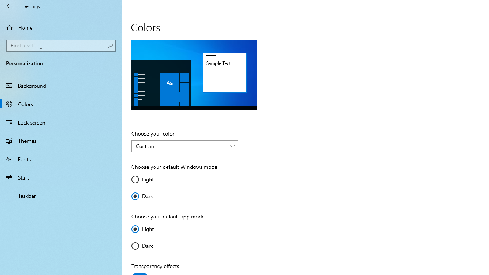 The width and height of the screenshot is (489, 275). What do you see at coordinates (61, 158) in the screenshot?
I see `'Fonts'` at bounding box center [61, 158].